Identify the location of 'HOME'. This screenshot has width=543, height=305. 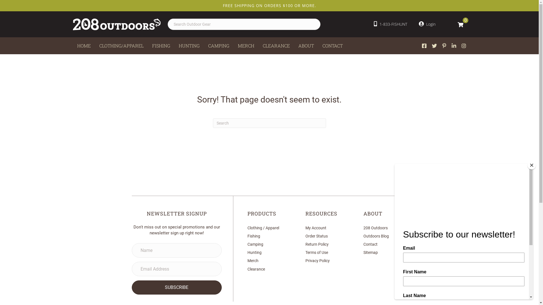
(84, 45).